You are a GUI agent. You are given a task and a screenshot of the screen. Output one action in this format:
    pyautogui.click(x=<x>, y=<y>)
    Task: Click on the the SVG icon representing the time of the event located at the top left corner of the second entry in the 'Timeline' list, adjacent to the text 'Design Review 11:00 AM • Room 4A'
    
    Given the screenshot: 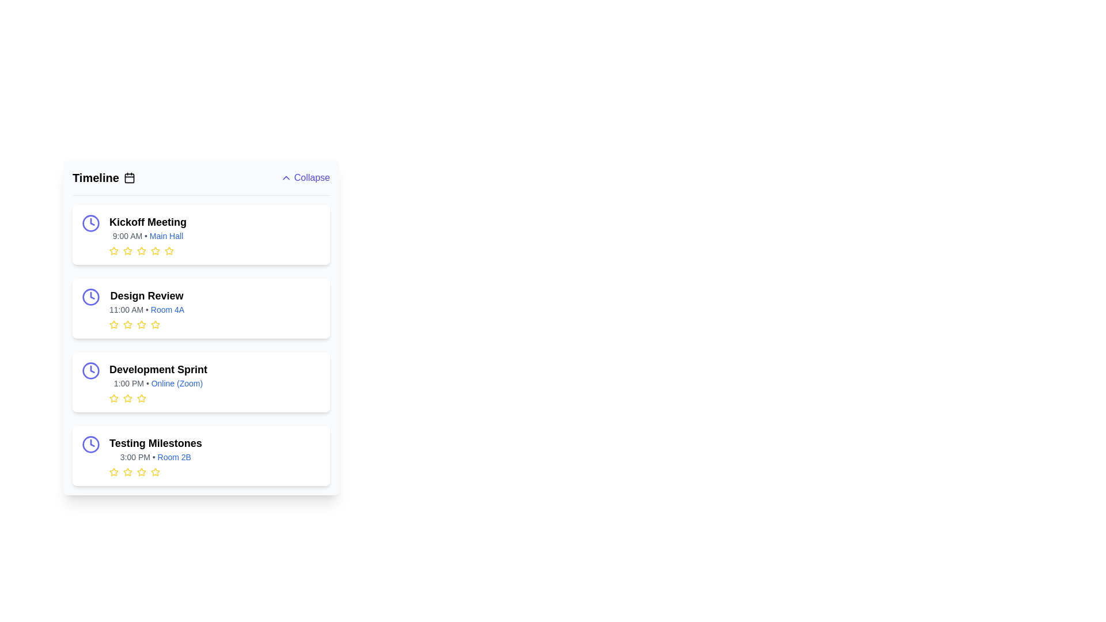 What is the action you would take?
    pyautogui.click(x=90, y=297)
    